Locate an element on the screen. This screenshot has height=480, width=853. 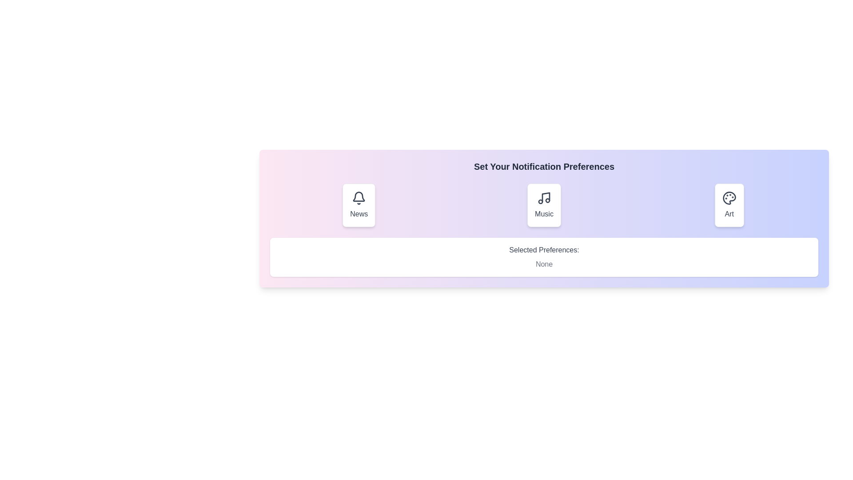
the notification icon representing alerts within the 'News' tile, located at the top section of the tile, to the left of the 'Music' and 'Art' tiles is located at coordinates (359, 198).